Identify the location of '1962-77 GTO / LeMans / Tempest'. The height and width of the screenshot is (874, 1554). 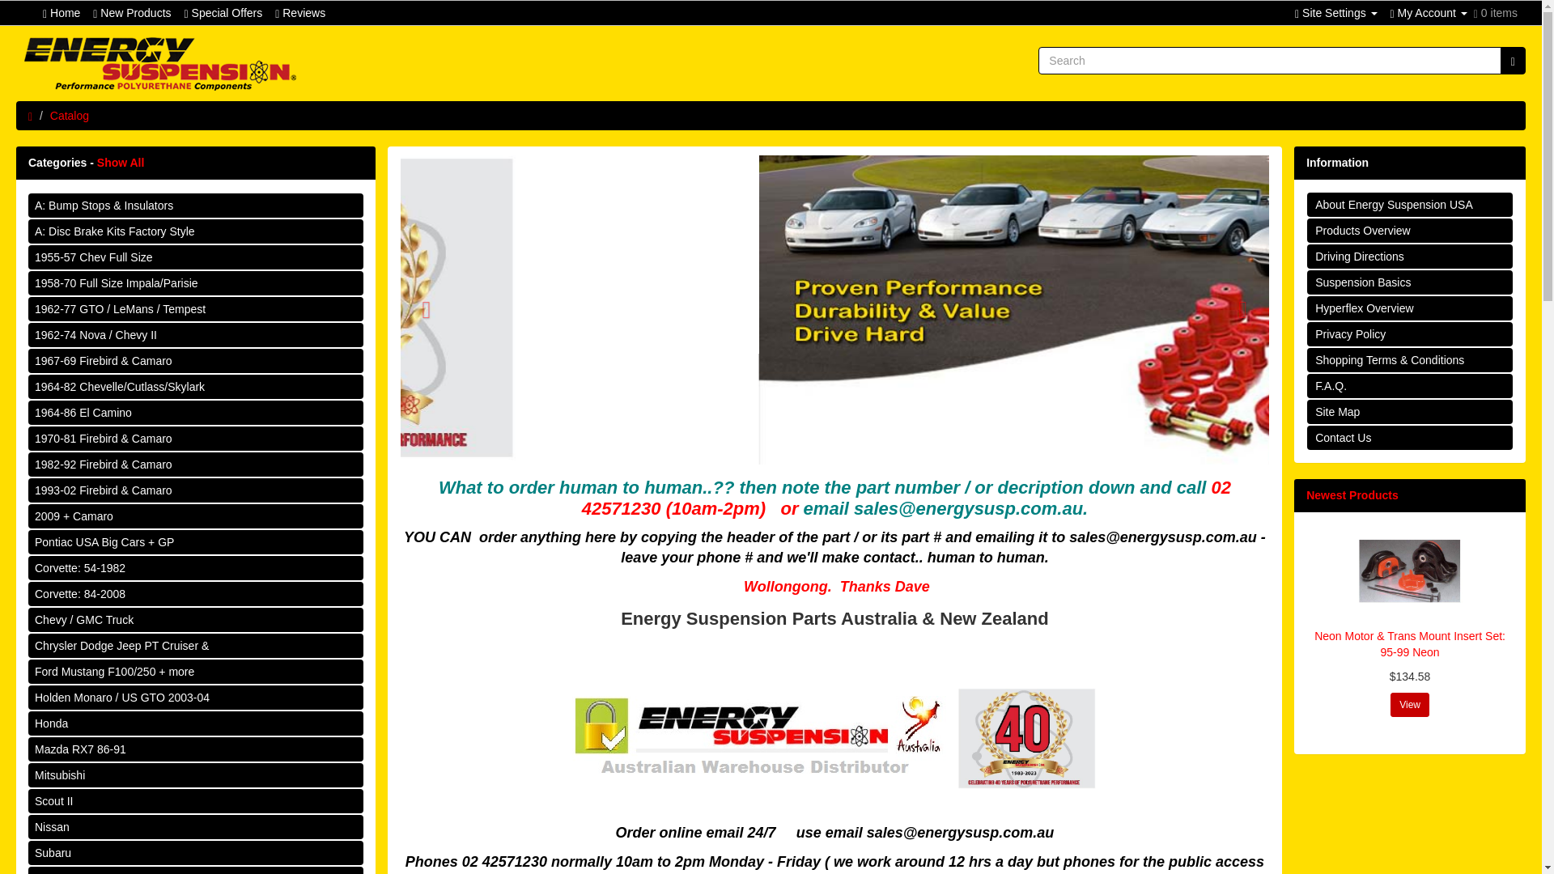
(194, 308).